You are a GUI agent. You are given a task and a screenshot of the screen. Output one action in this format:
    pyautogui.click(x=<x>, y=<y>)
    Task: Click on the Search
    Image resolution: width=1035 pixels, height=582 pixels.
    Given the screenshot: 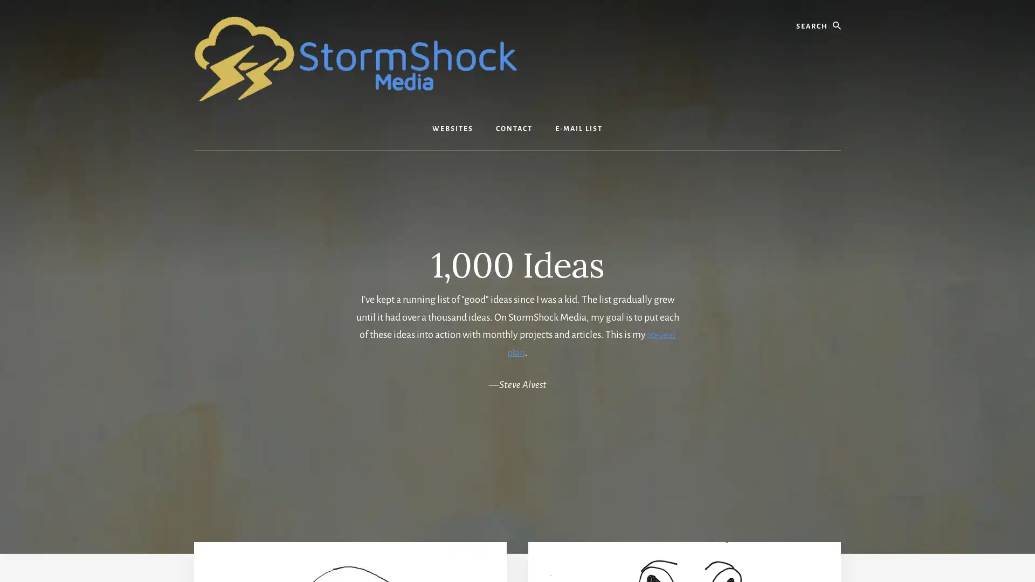 What is the action you would take?
    pyautogui.click(x=840, y=10)
    